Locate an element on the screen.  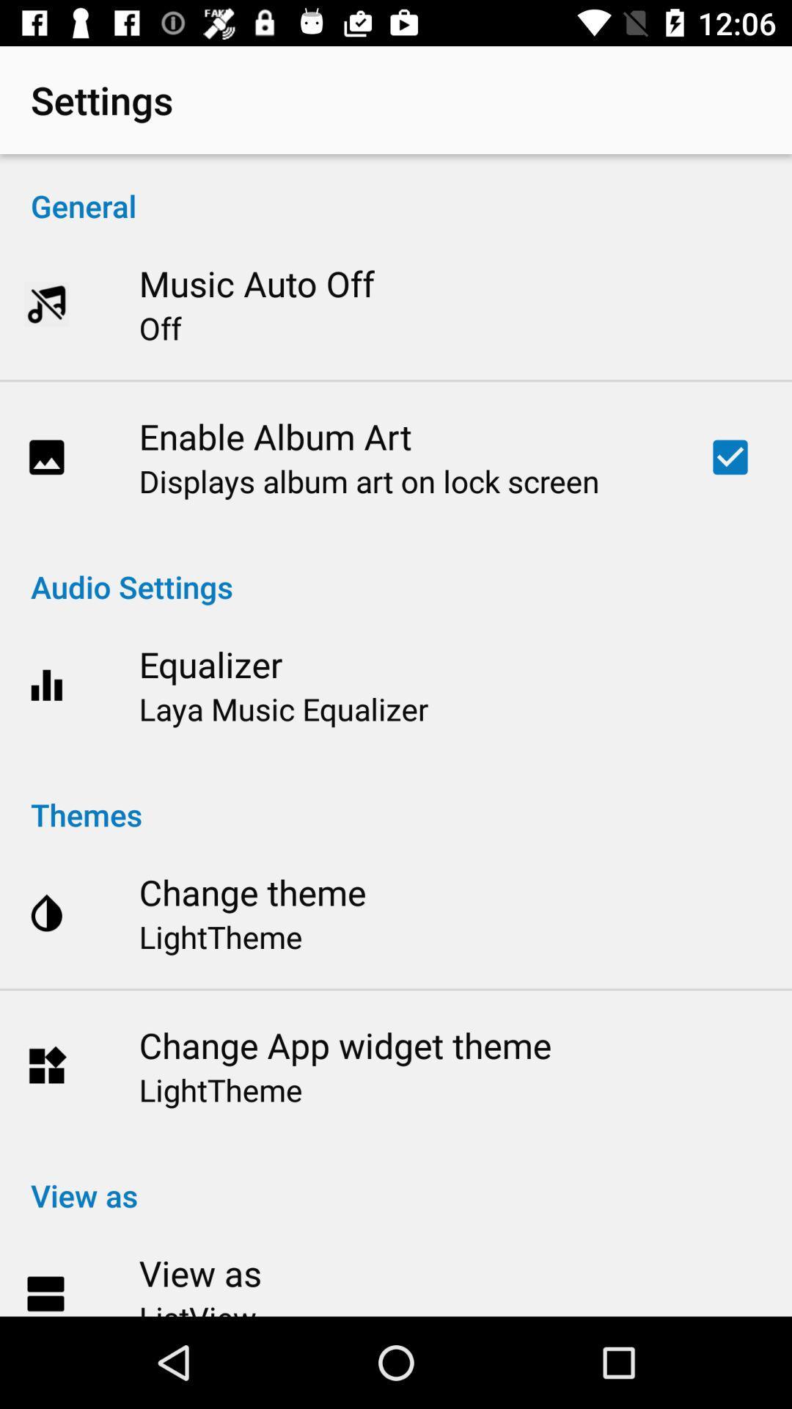
the icon above change theme icon is located at coordinates (396, 798).